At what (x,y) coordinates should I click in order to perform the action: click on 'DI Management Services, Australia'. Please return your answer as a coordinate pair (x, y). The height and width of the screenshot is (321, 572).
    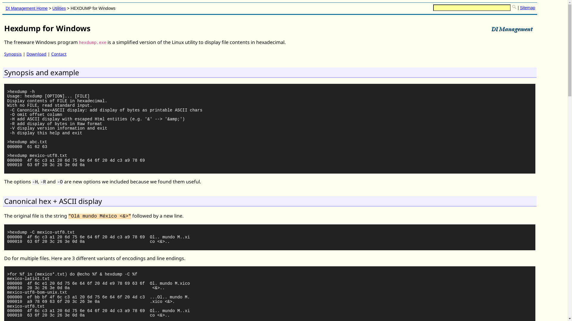
    Looking at the image, I should click on (489, 29).